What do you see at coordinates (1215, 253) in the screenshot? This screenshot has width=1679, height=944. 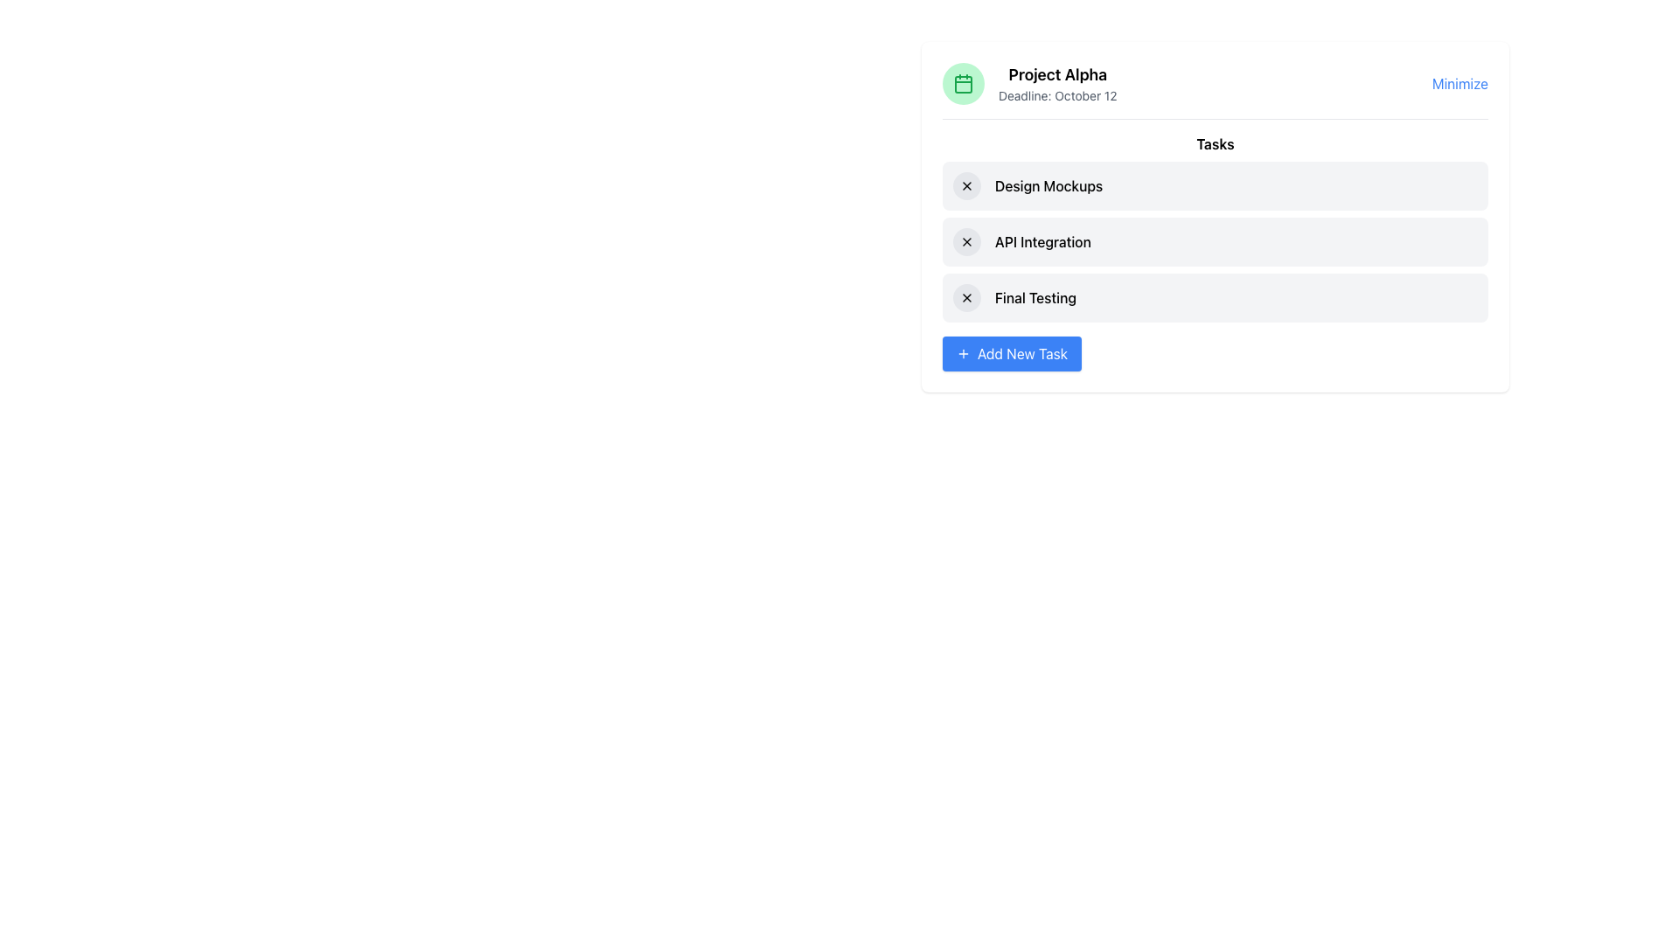 I see `a task in the Task List within the 'Tasks' section of the 'Project Alpha' card` at bounding box center [1215, 253].